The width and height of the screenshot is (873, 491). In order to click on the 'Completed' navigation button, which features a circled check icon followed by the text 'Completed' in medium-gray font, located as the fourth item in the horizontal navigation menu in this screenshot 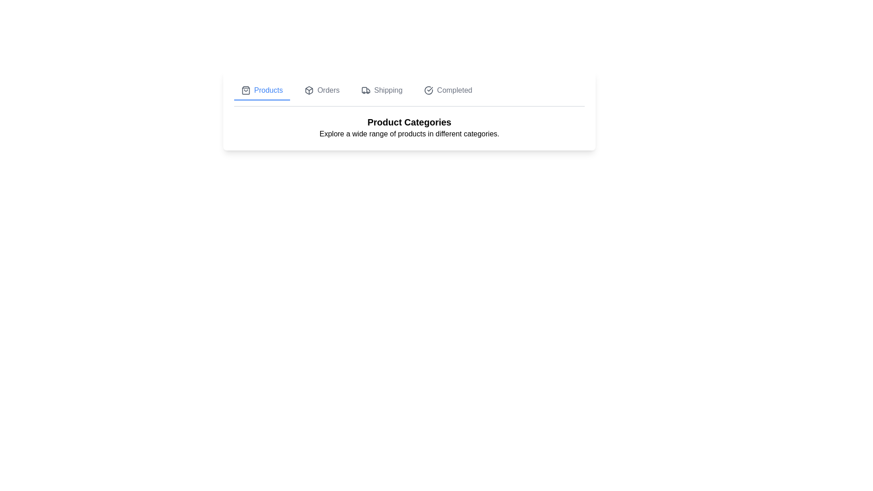, I will do `click(448, 91)`.